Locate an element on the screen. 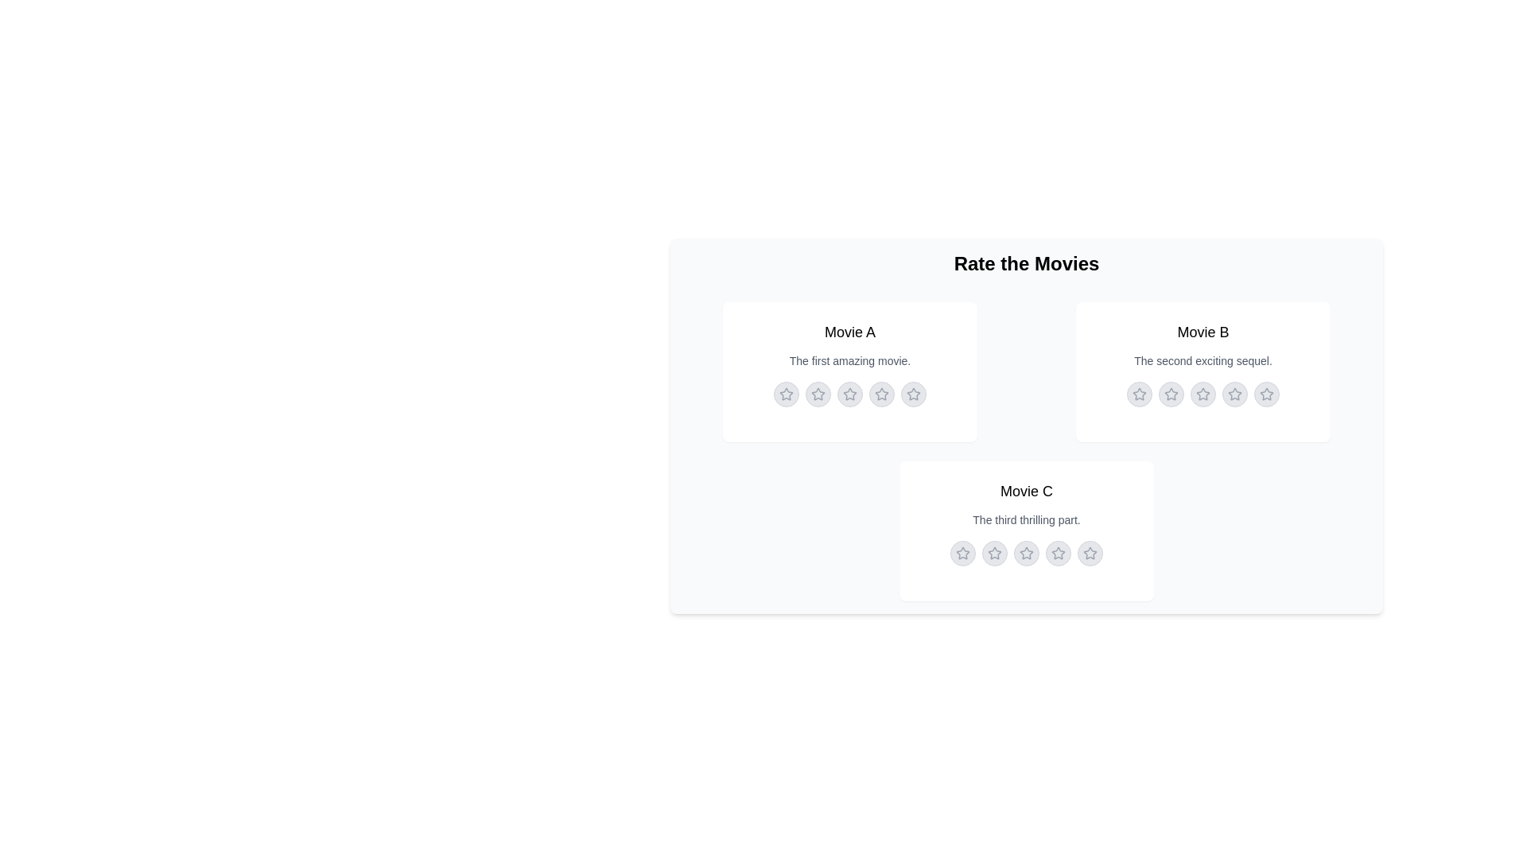 The width and height of the screenshot is (1527, 859). descriptive subtitle or tagline text block for 'Movie C', which is located directly below the title 'Movie C' and above the rating options is located at coordinates (1027, 520).